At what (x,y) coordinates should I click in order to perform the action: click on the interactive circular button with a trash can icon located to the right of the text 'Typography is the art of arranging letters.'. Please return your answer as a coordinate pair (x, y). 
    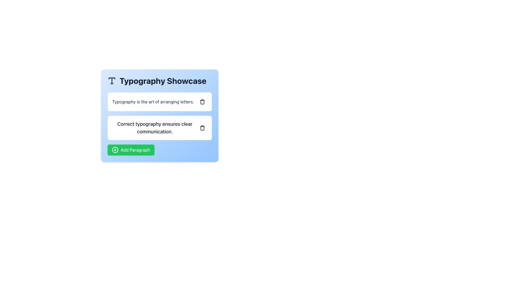
    Looking at the image, I should click on (202, 102).